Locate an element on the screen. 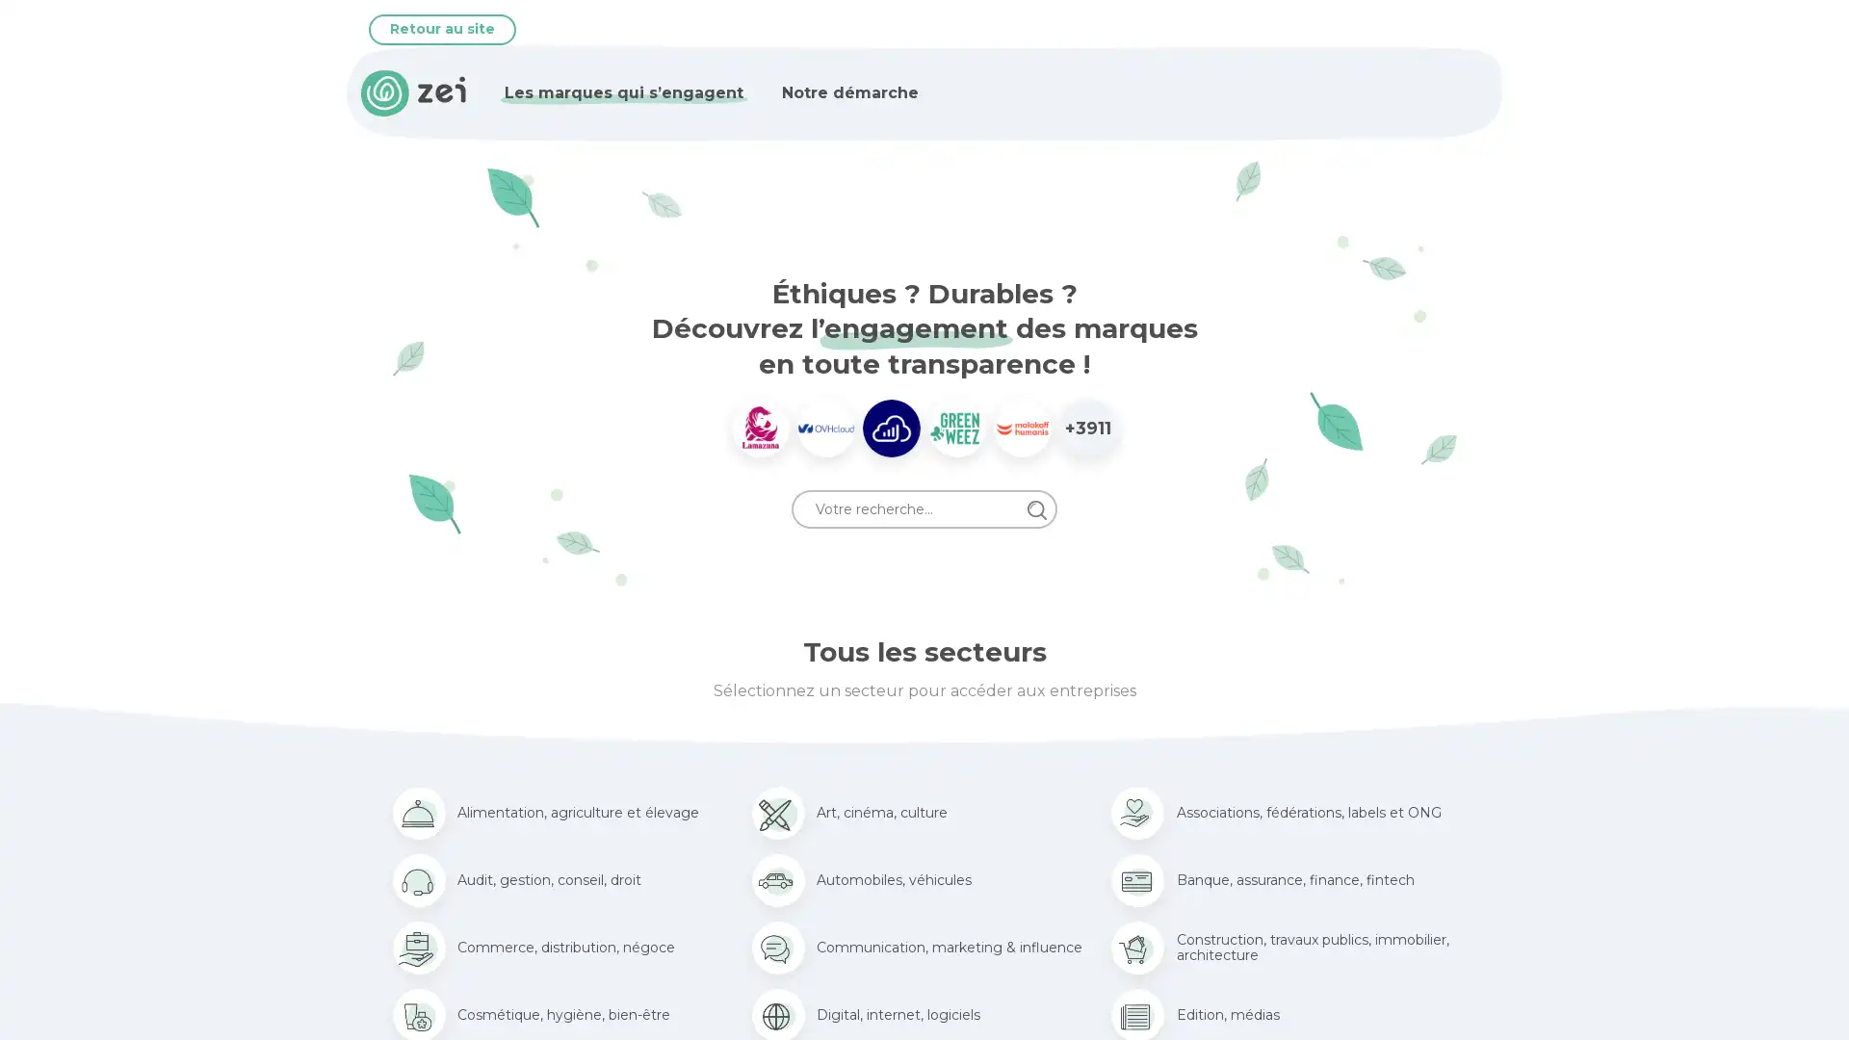 The height and width of the screenshot is (1040, 1849). Personnaliser (fenetre modale) is located at coordinates (173, 962).